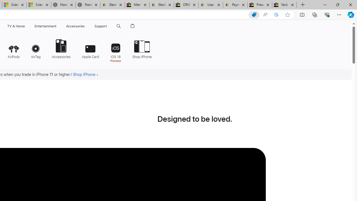 This screenshot has width=357, height=201. What do you see at coordinates (57, 26) in the screenshot?
I see `'Entertainment menu'` at bounding box center [57, 26].